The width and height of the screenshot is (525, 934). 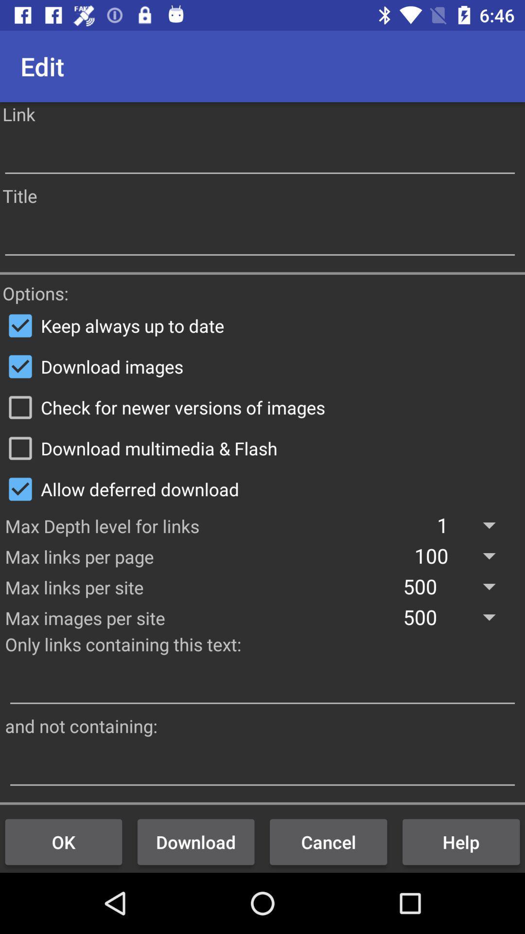 I want to click on included text, so click(x=262, y=684).